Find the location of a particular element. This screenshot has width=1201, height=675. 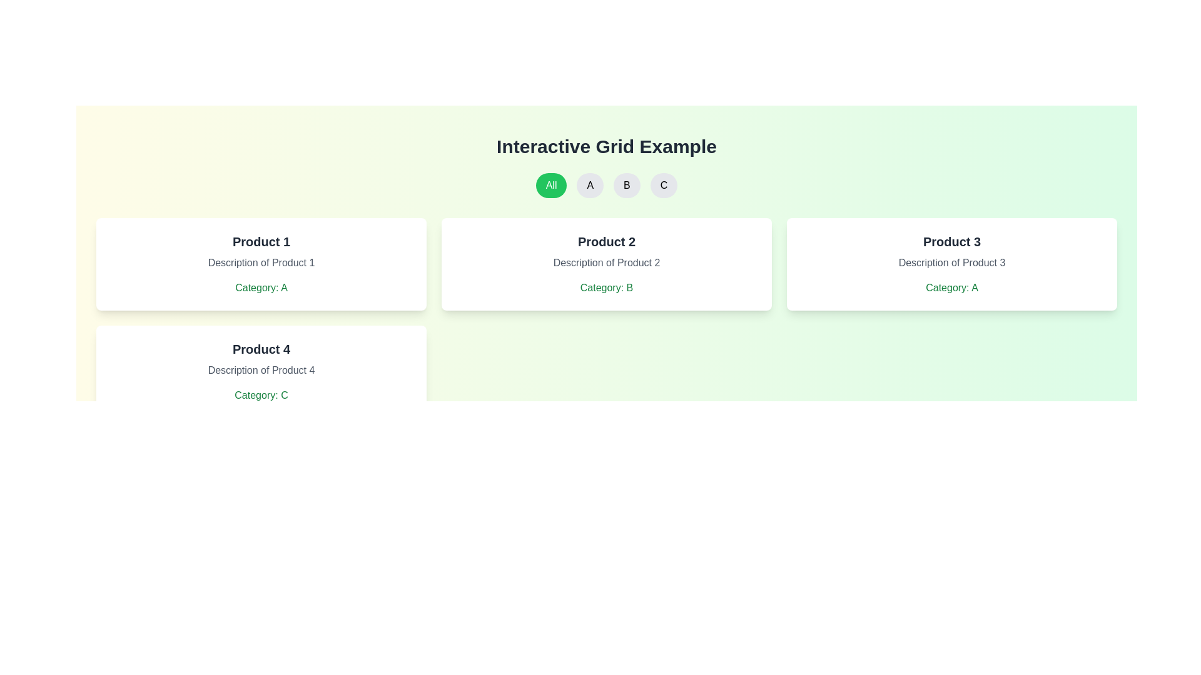

the Text label indicating the category of the product in the card labeled 'Product 1', which is located at the bottom section below the product description is located at coordinates (260, 288).